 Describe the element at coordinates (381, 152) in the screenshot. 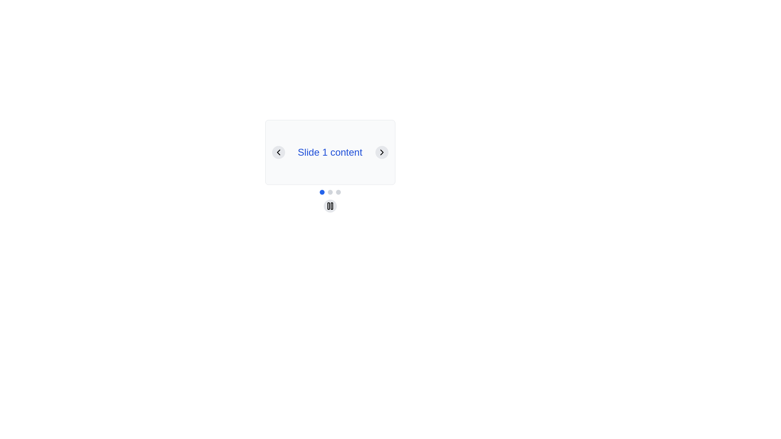

I see `the right navigation button in the carousel` at that location.